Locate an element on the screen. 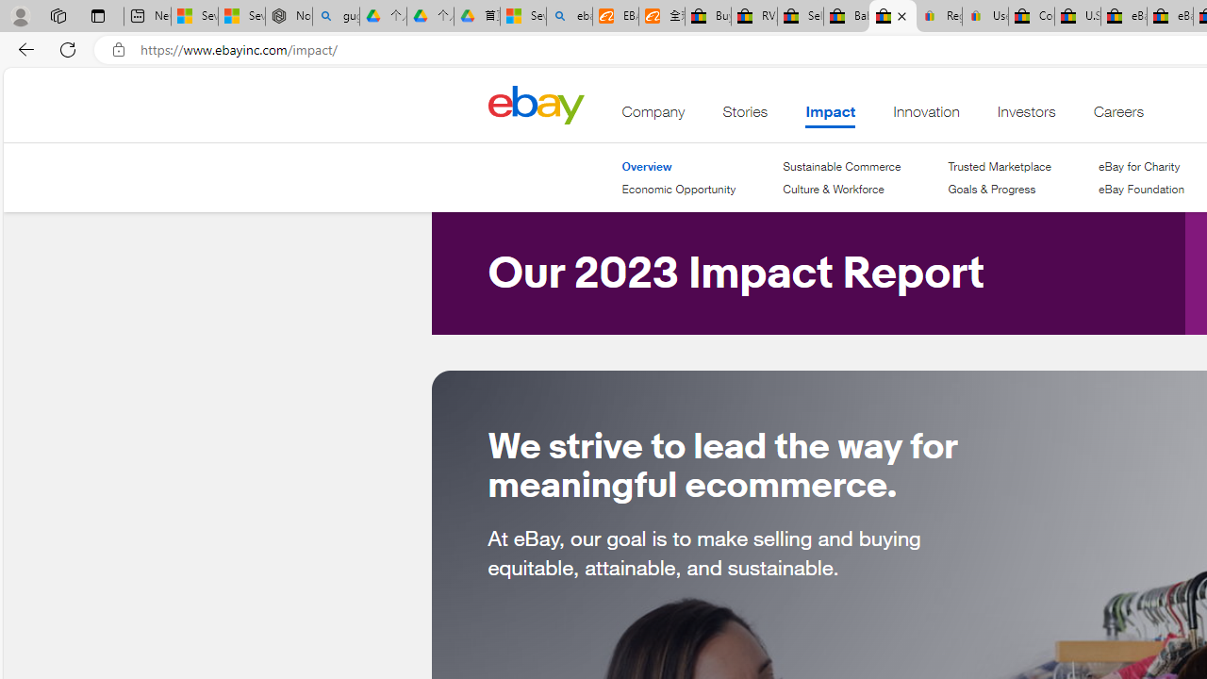 The image size is (1207, 679). 'Goals & Progress' is located at coordinates (998, 190).